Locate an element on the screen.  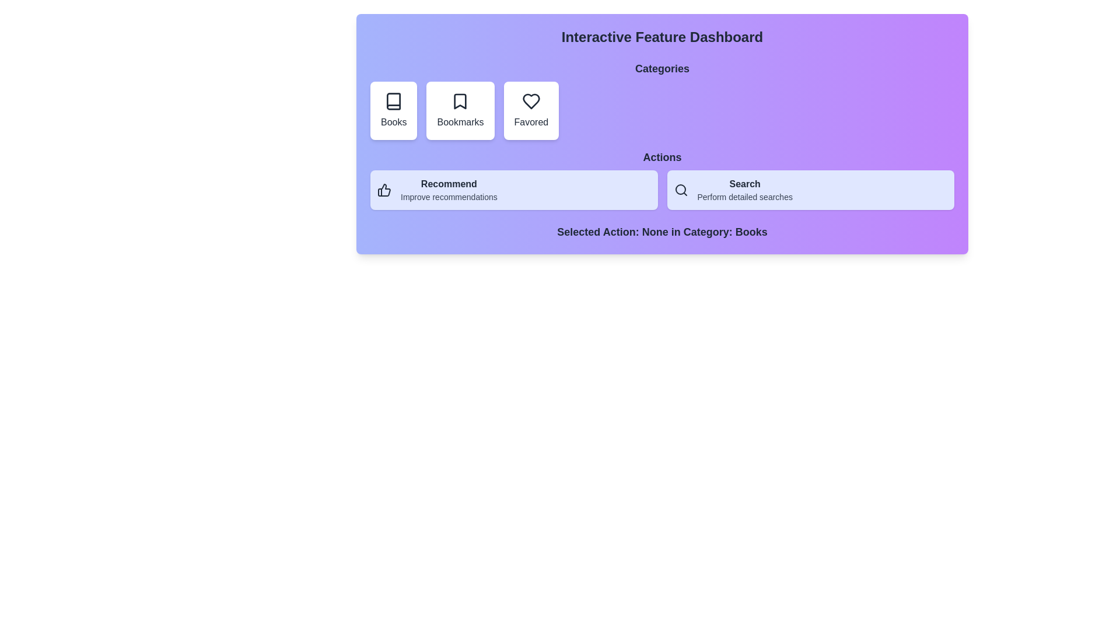
the text label displaying 'Actions', which is bold and larger in font, positioned centrally above the 'Recommend' and 'Search' buttons is located at coordinates (662, 157).